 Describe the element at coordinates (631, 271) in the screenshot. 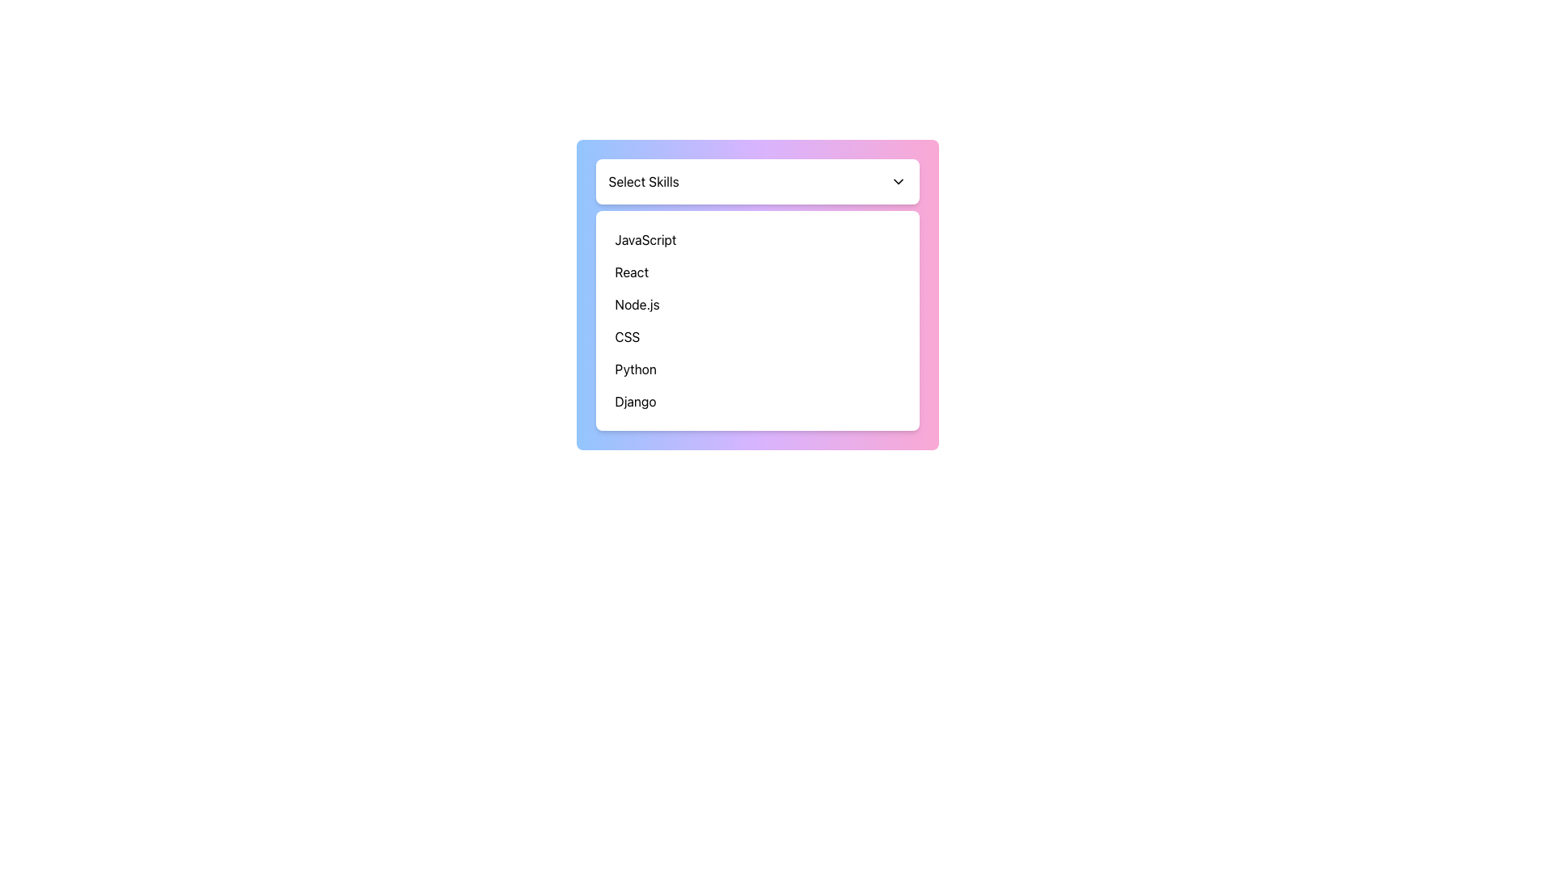

I see `the second item in the dropdown menu that contains the word 'React'` at that location.